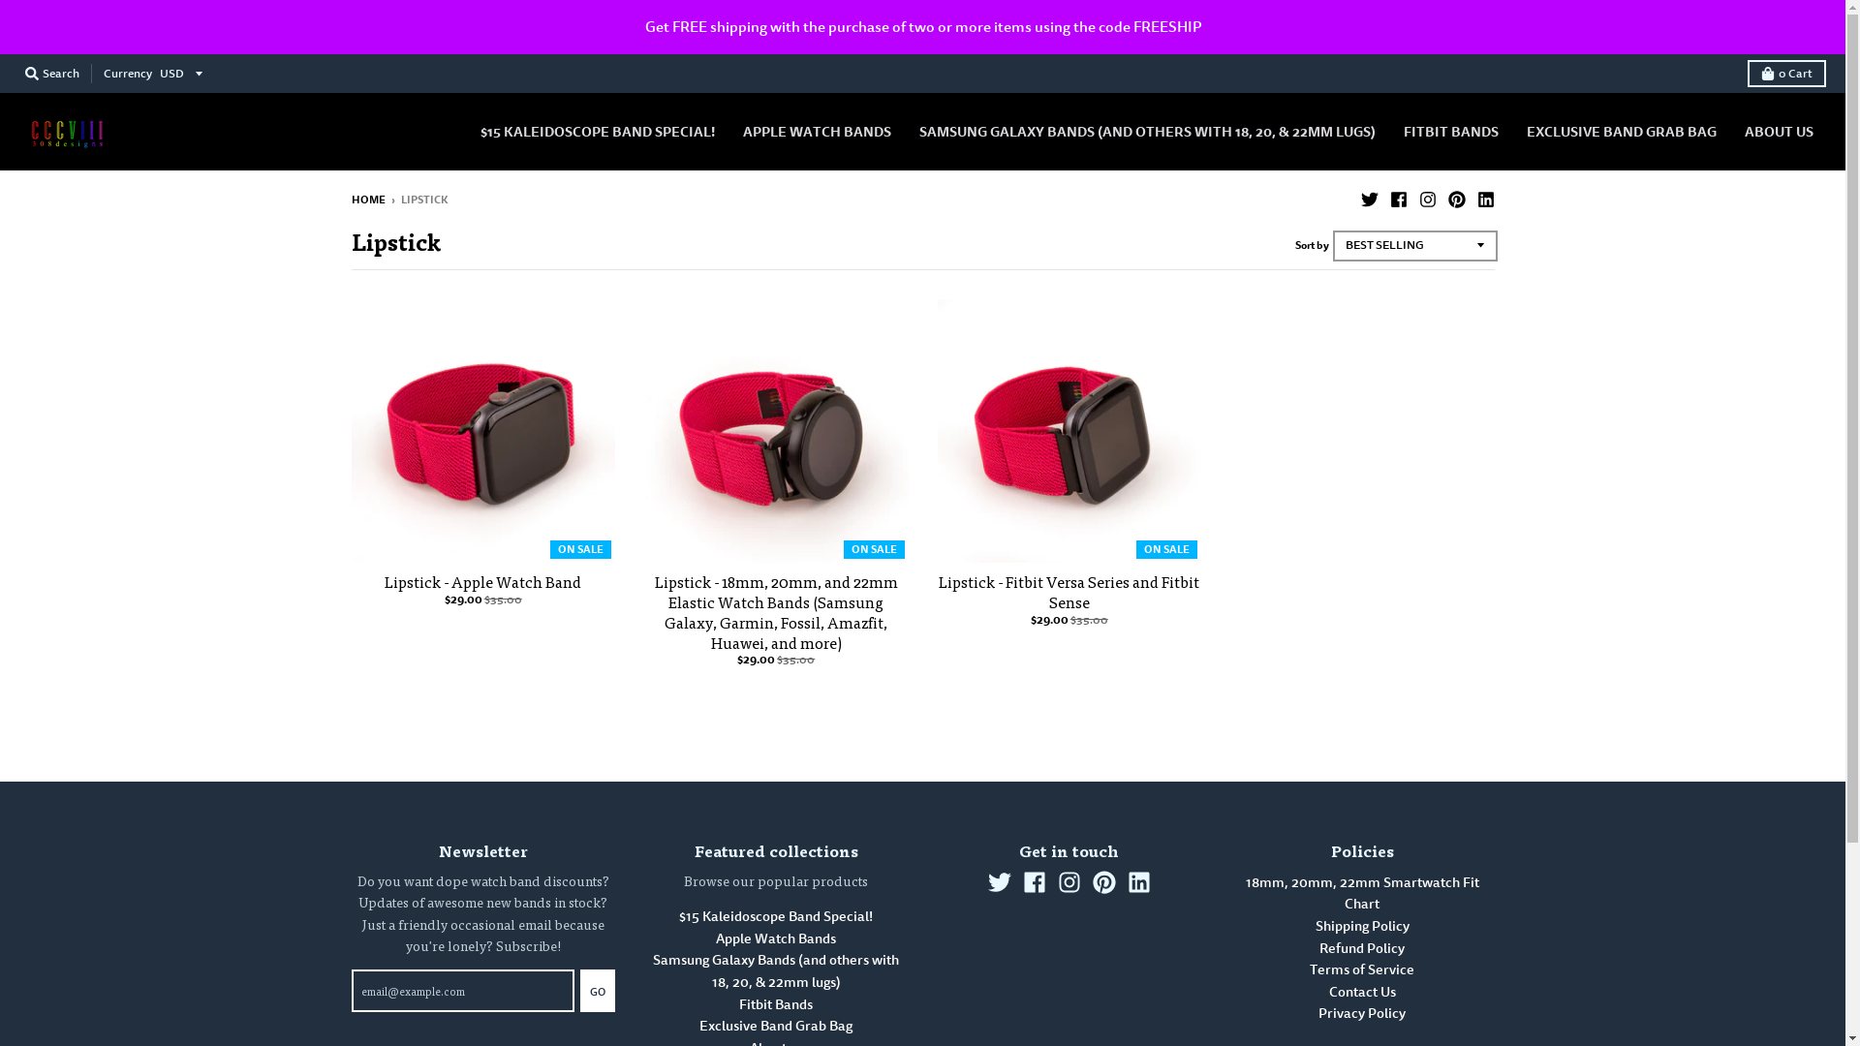 This screenshot has width=1860, height=1046. I want to click on 'Exclusive Band Grab Bag', so click(776, 1025).